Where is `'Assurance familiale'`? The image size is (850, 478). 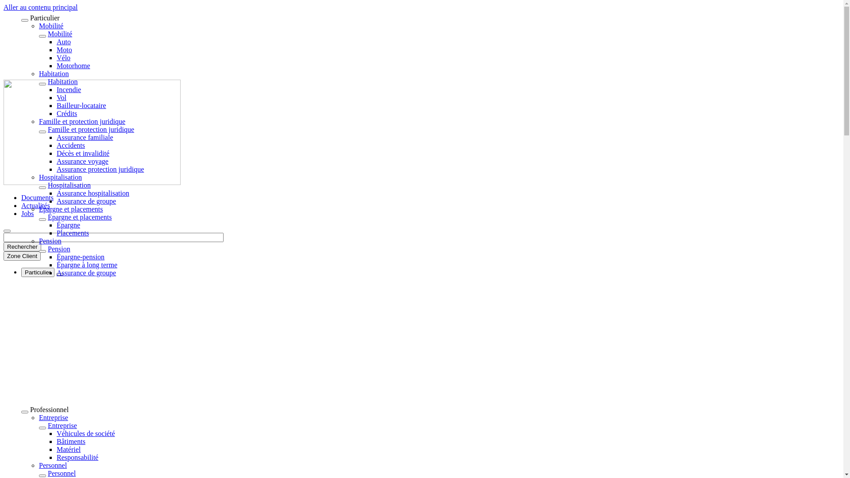
'Assurance familiale' is located at coordinates (85, 137).